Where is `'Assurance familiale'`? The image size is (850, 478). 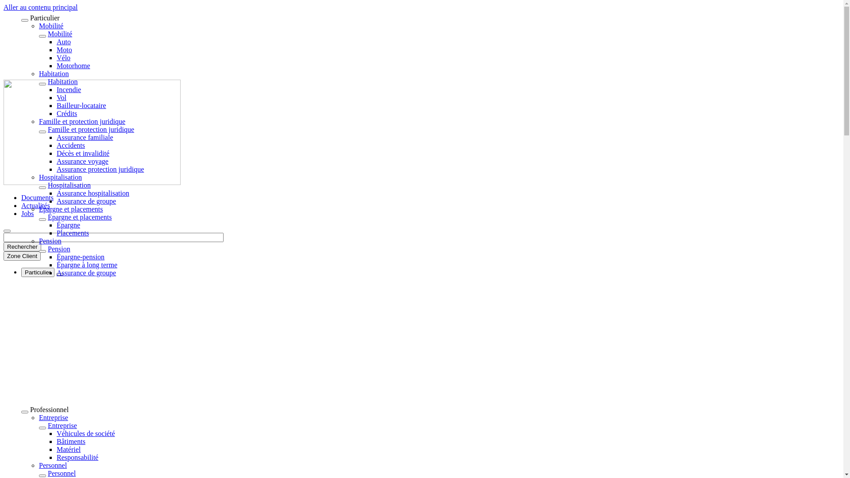
'Assurance familiale' is located at coordinates (85, 137).